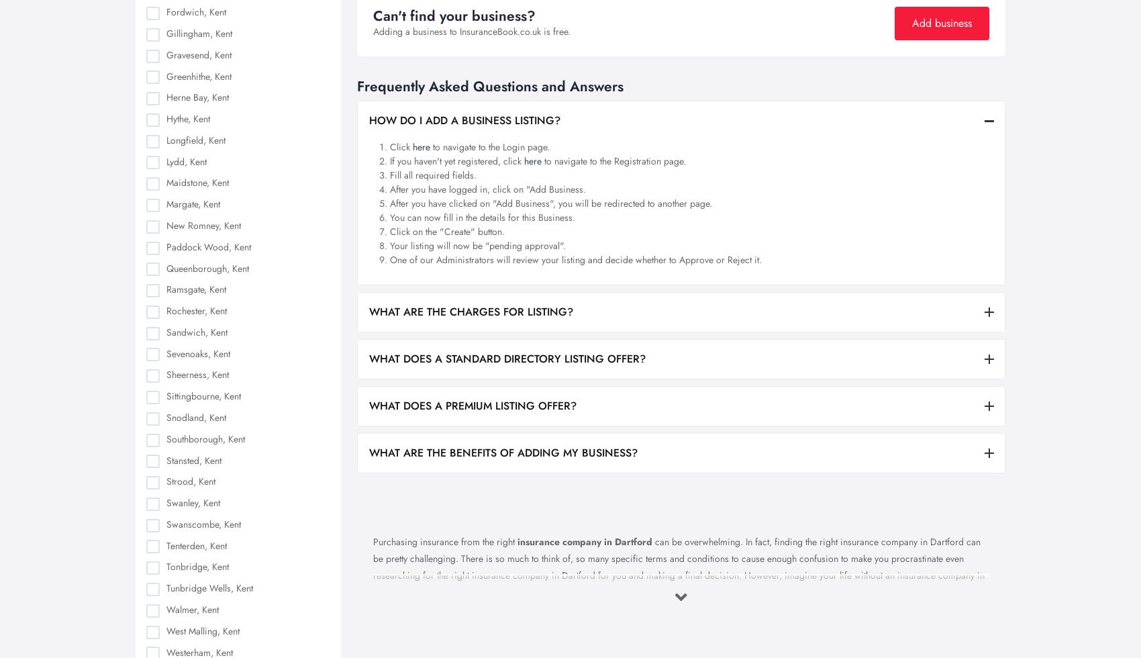 The height and width of the screenshot is (658, 1141). I want to click on 'CoverMyBubble', so click(262, 15).